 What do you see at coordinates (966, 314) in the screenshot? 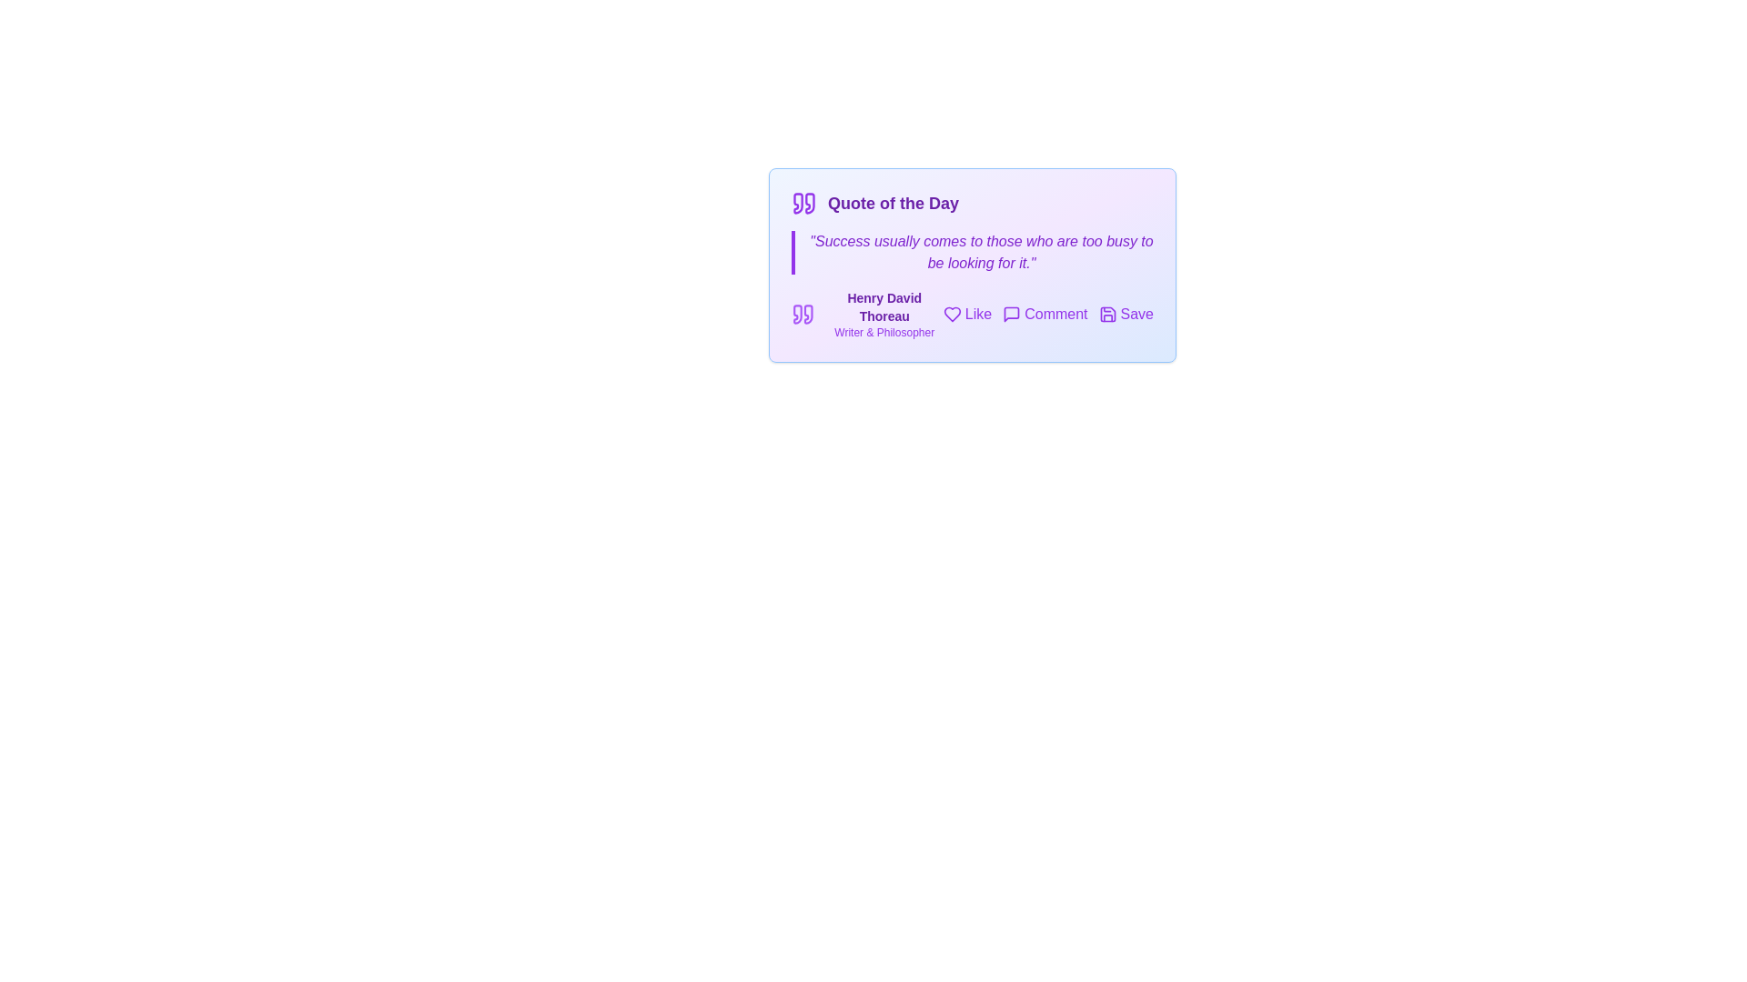
I see `the 'Like' button, which is represented by a heart icon, located in the action bar to the left of 'Comment' and 'Save'` at bounding box center [966, 314].